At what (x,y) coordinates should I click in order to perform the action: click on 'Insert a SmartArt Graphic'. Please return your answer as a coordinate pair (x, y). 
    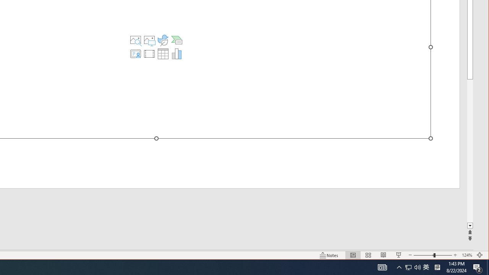
    Looking at the image, I should click on (176, 40).